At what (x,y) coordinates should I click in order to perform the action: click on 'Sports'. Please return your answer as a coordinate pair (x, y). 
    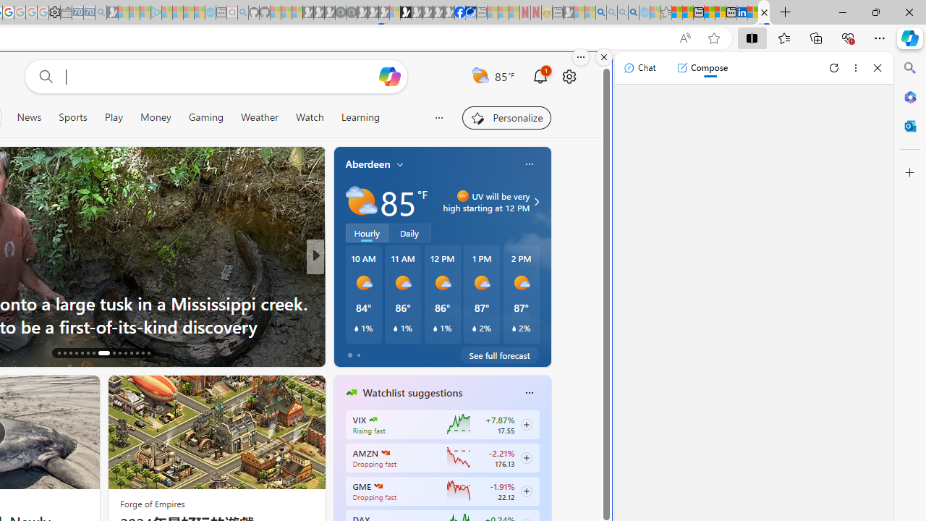
    Looking at the image, I should click on (72, 117).